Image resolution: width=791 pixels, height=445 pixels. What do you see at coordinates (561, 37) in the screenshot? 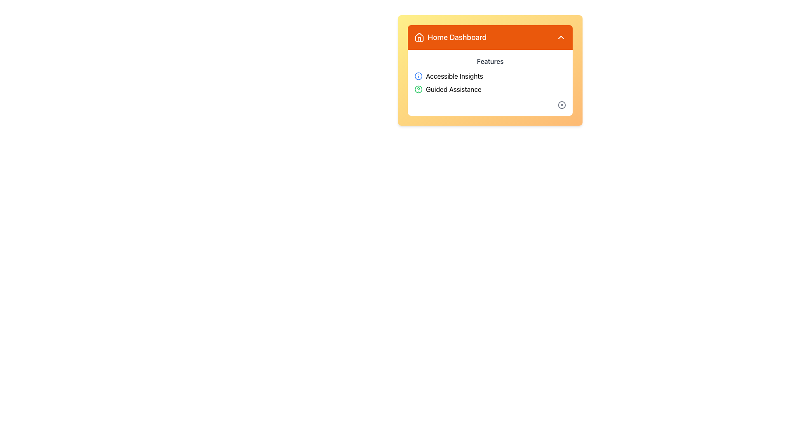
I see `the icon button at the top-right corner of the 'Home Dashboard' header` at bounding box center [561, 37].